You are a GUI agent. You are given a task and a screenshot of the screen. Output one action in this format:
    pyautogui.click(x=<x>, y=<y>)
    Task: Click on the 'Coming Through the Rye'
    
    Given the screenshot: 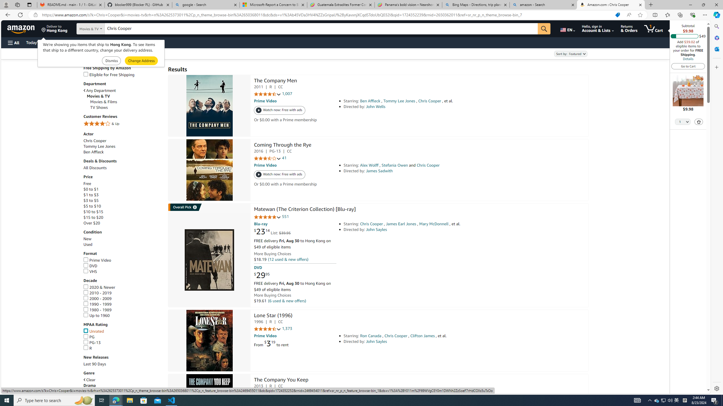 What is the action you would take?
    pyautogui.click(x=282, y=145)
    